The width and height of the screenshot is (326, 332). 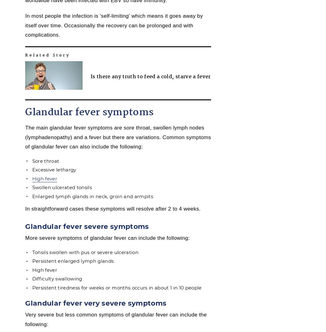 What do you see at coordinates (54, 170) in the screenshot?
I see `'Excessive lethargy'` at bounding box center [54, 170].